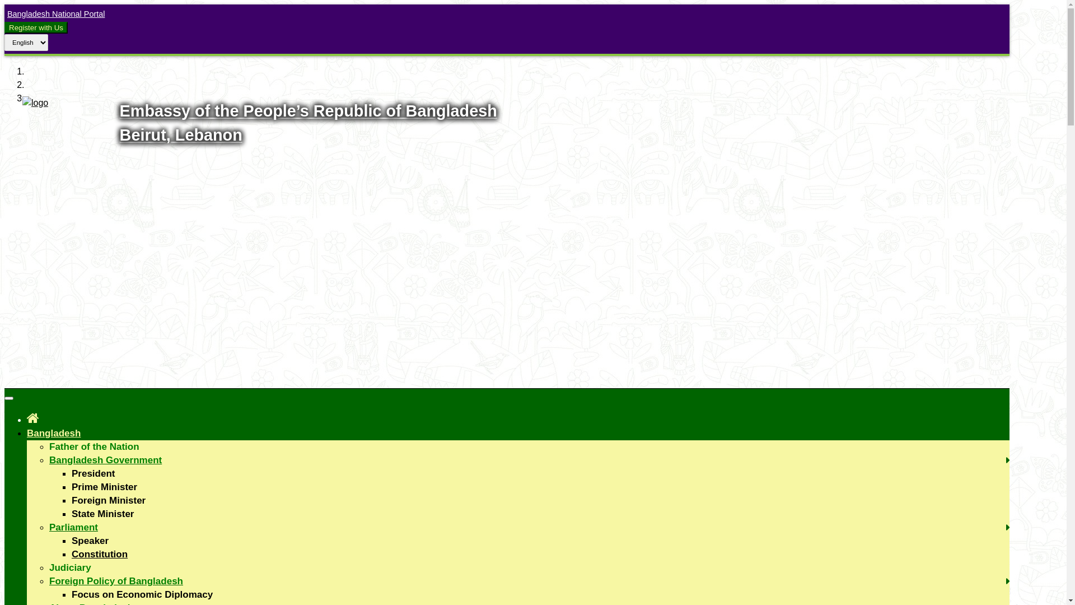  Describe the element at coordinates (4, 27) in the screenshot. I see `'Register with Us'` at that location.